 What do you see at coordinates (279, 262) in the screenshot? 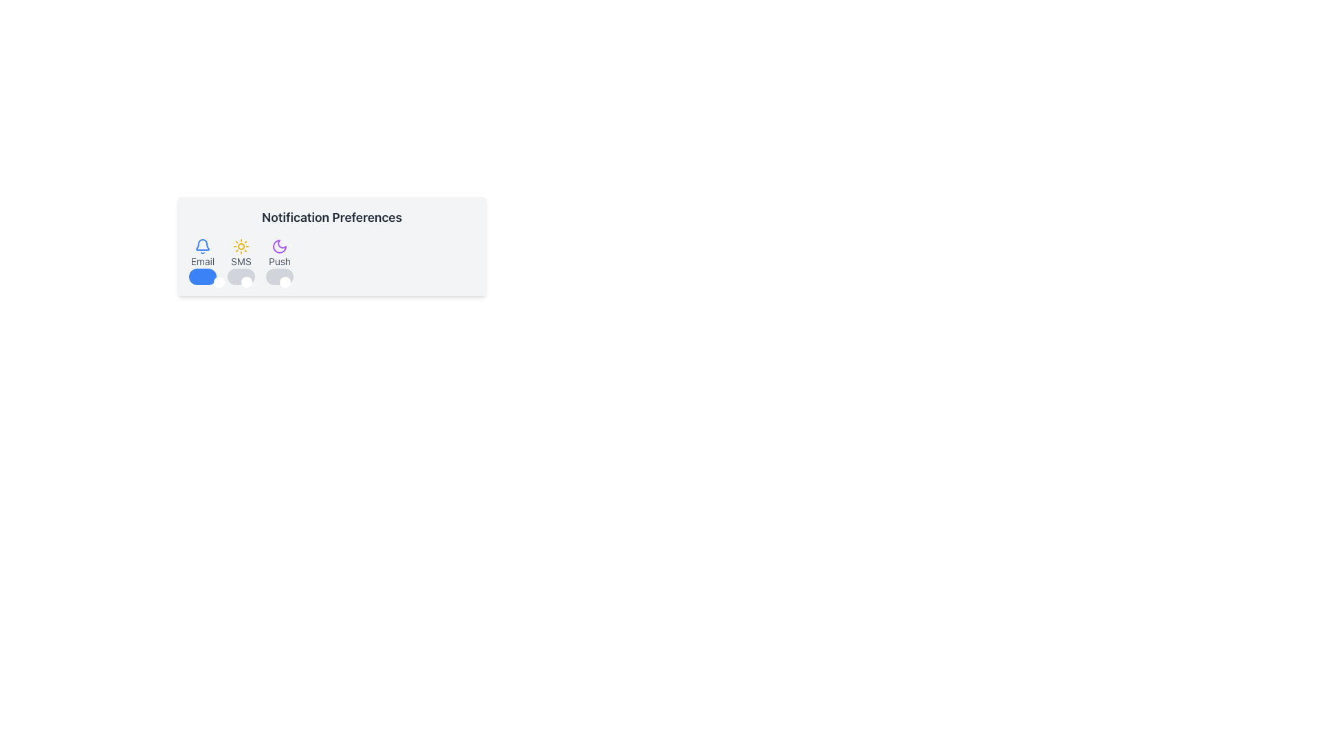
I see `the toggle switch for push notifications in the 'Notification Preferences' section` at bounding box center [279, 262].